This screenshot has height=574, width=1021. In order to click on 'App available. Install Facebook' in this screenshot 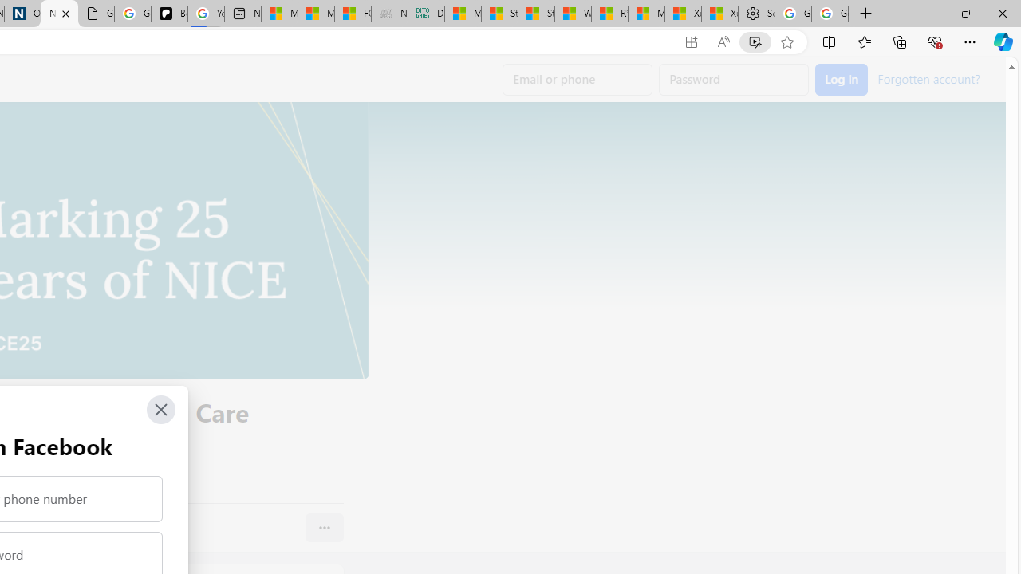, I will do `click(692, 41)`.